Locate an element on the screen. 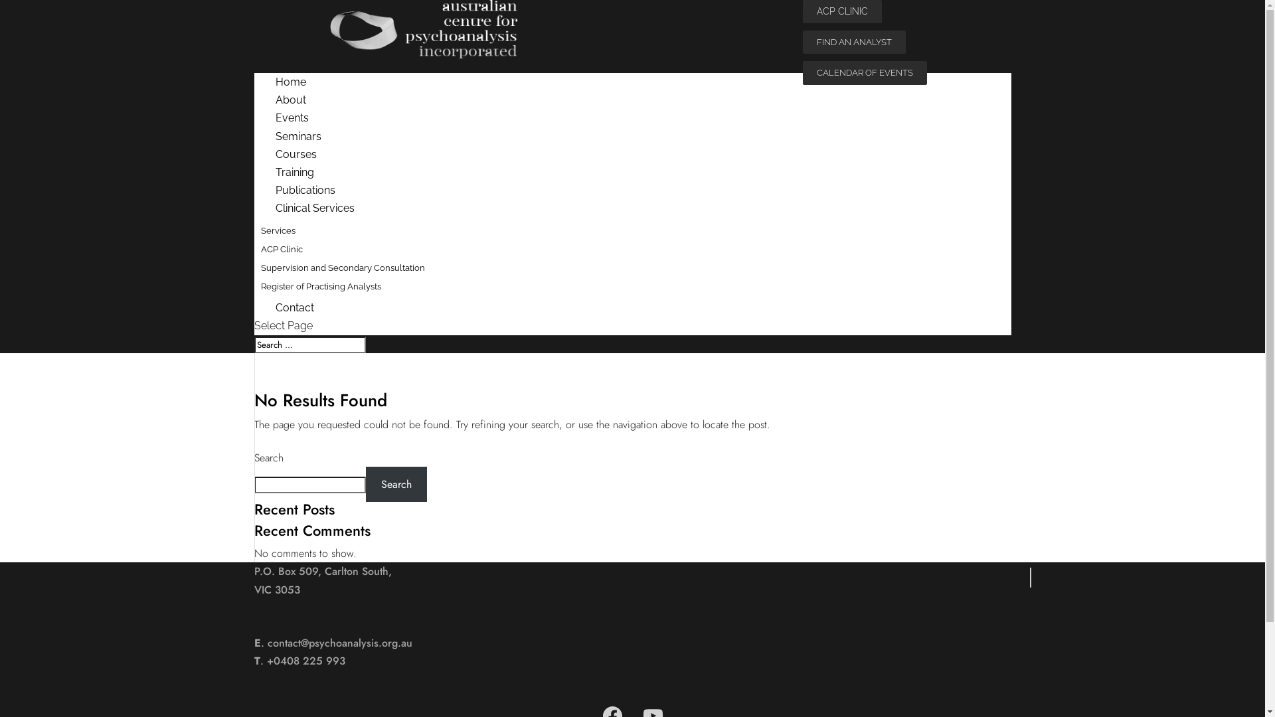 This screenshot has height=717, width=1275. 'Home' is located at coordinates (290, 82).